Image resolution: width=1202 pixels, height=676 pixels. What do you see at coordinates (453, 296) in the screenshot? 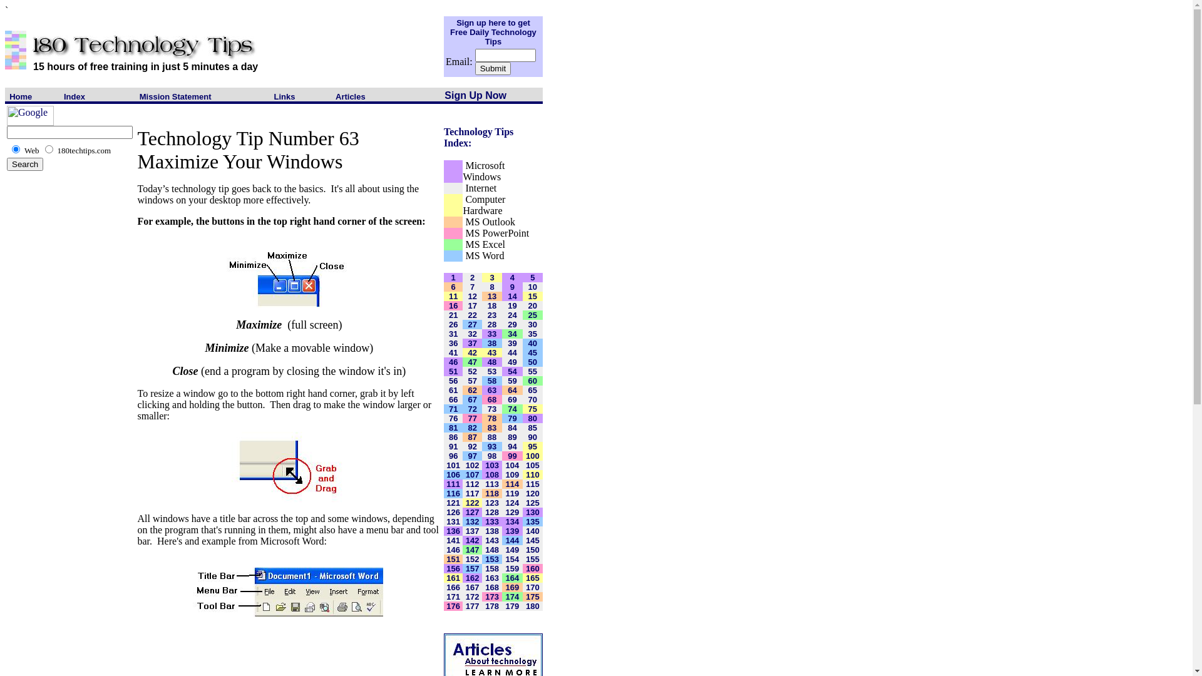
I see `'11'` at bounding box center [453, 296].